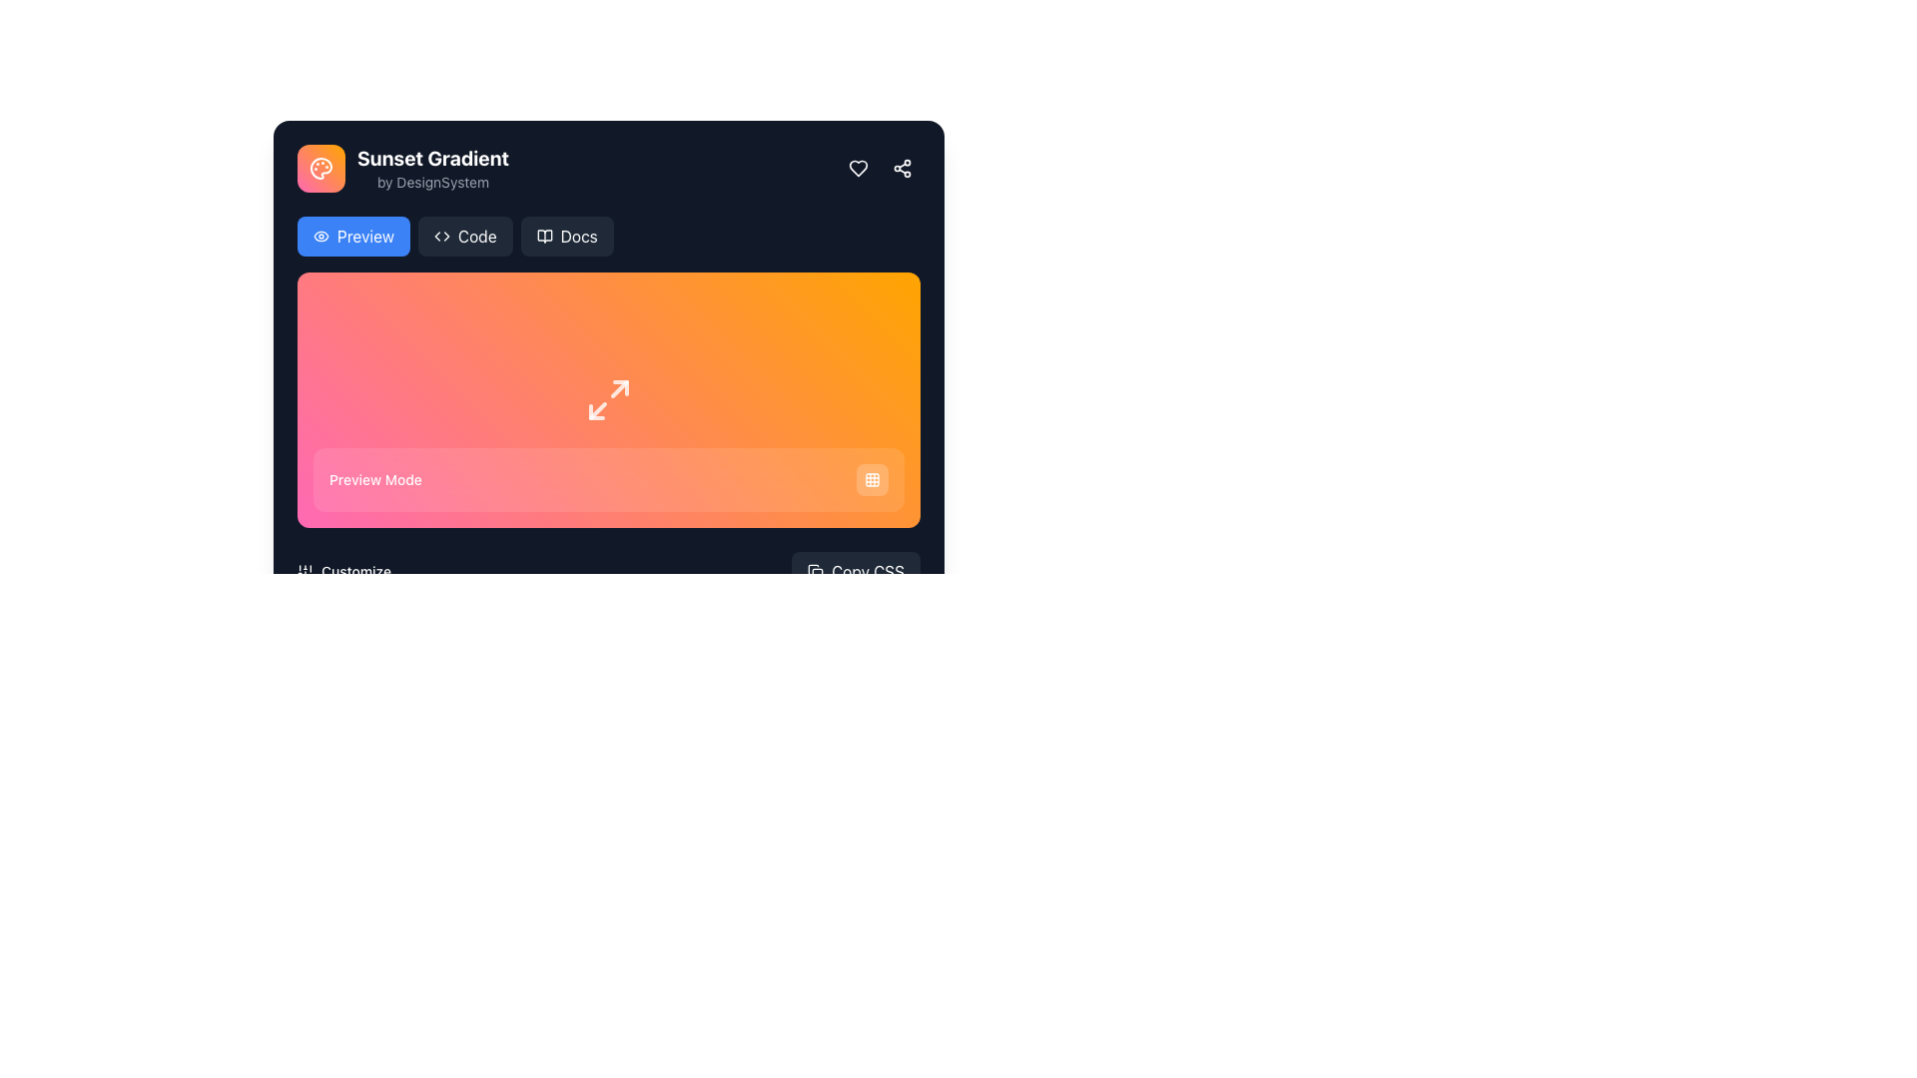  What do you see at coordinates (464, 235) in the screenshot?
I see `the rectangular button labeled 'Code' with code brackets icon, located in the header section between 'Preview' and 'Docs' buttons` at bounding box center [464, 235].